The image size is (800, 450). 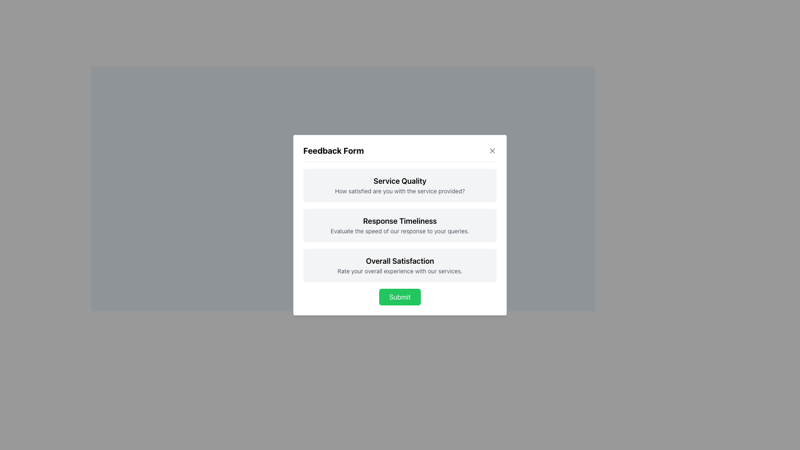 I want to click on bold text labeled 'Feedback Form' located at the top-left corner of the feedback modal dialog, so click(x=333, y=150).